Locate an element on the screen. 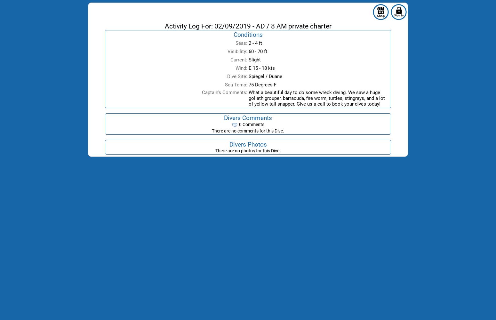 The image size is (496, 320). 'Divers Comments' is located at coordinates (224, 118).